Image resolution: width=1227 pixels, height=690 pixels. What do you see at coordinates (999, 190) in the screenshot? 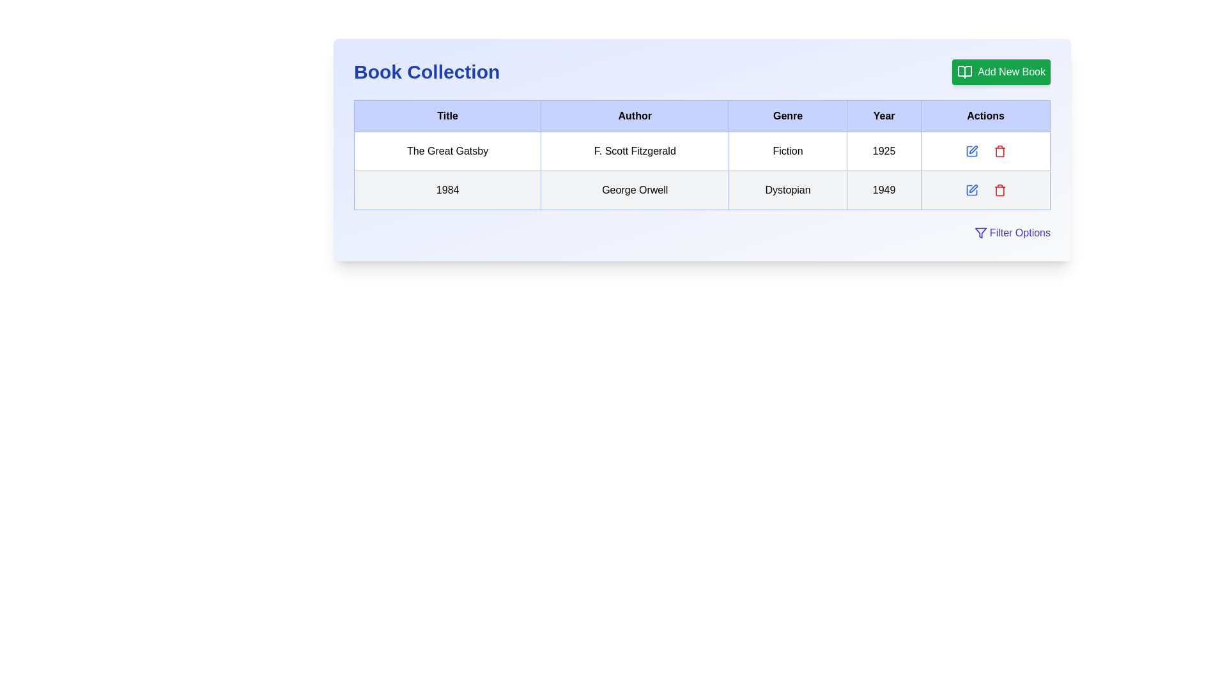
I see `the red trash icon button in the 'Actions' column associated with the book '1984' by George Orwell` at bounding box center [999, 190].